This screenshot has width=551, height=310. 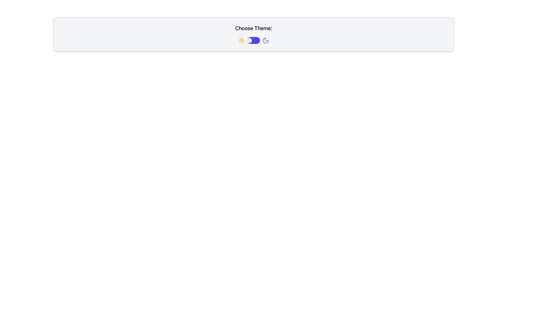 What do you see at coordinates (253, 40) in the screenshot?
I see `the toggle switch for dark mode located between the sun icon on the left and the moon icon on the right to switch its state` at bounding box center [253, 40].